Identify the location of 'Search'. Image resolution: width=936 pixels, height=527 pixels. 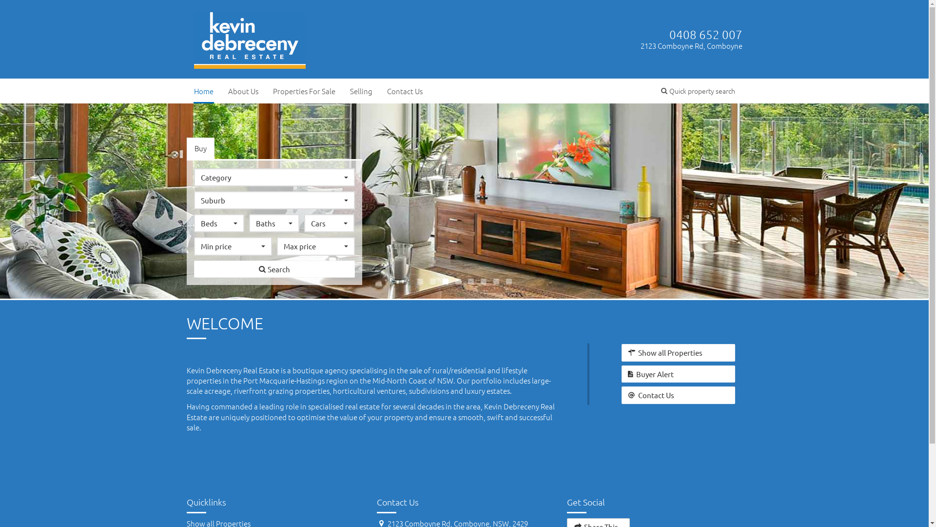
(273, 269).